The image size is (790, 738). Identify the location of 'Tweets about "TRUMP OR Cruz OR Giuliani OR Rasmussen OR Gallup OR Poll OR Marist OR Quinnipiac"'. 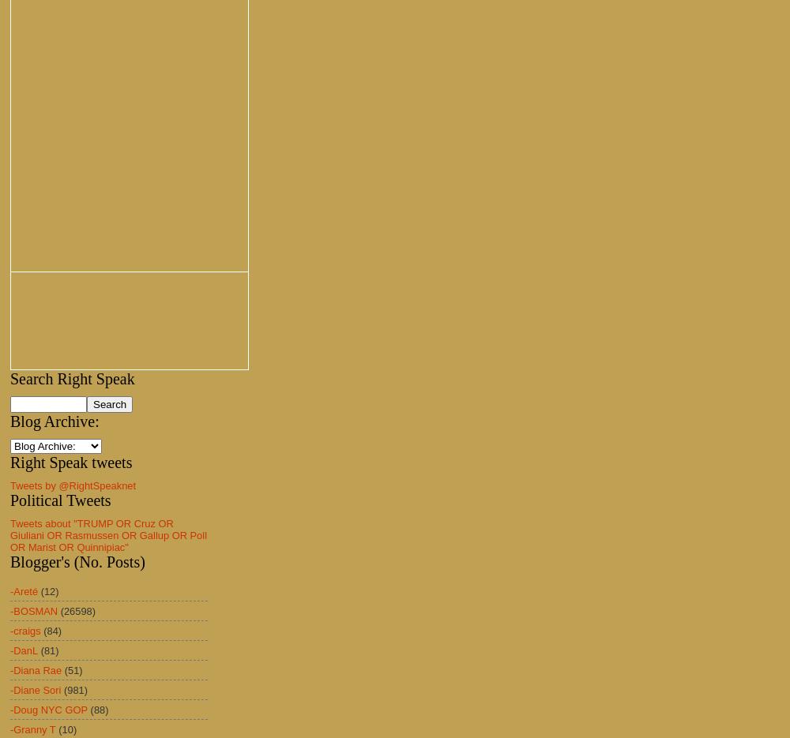
(108, 535).